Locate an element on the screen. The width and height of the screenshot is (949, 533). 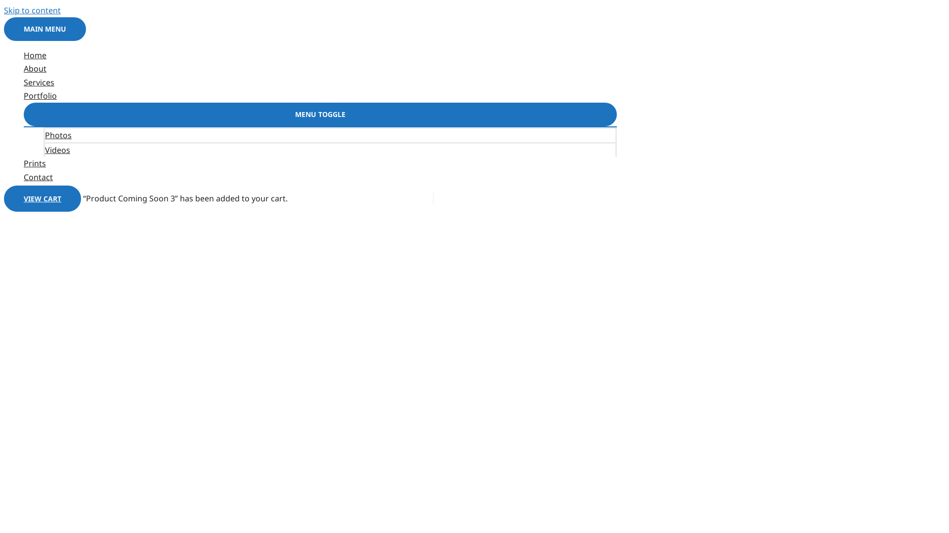
'MENU TOGGLE' is located at coordinates (320, 114).